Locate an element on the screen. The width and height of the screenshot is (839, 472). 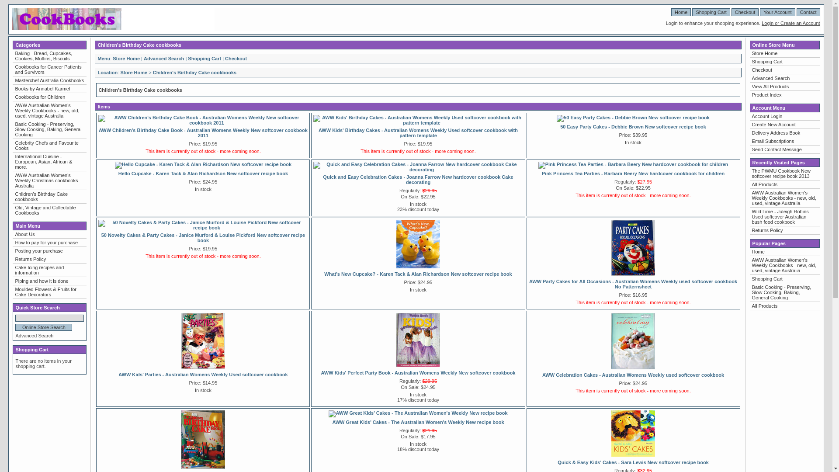
'Contact' is located at coordinates (808, 12).